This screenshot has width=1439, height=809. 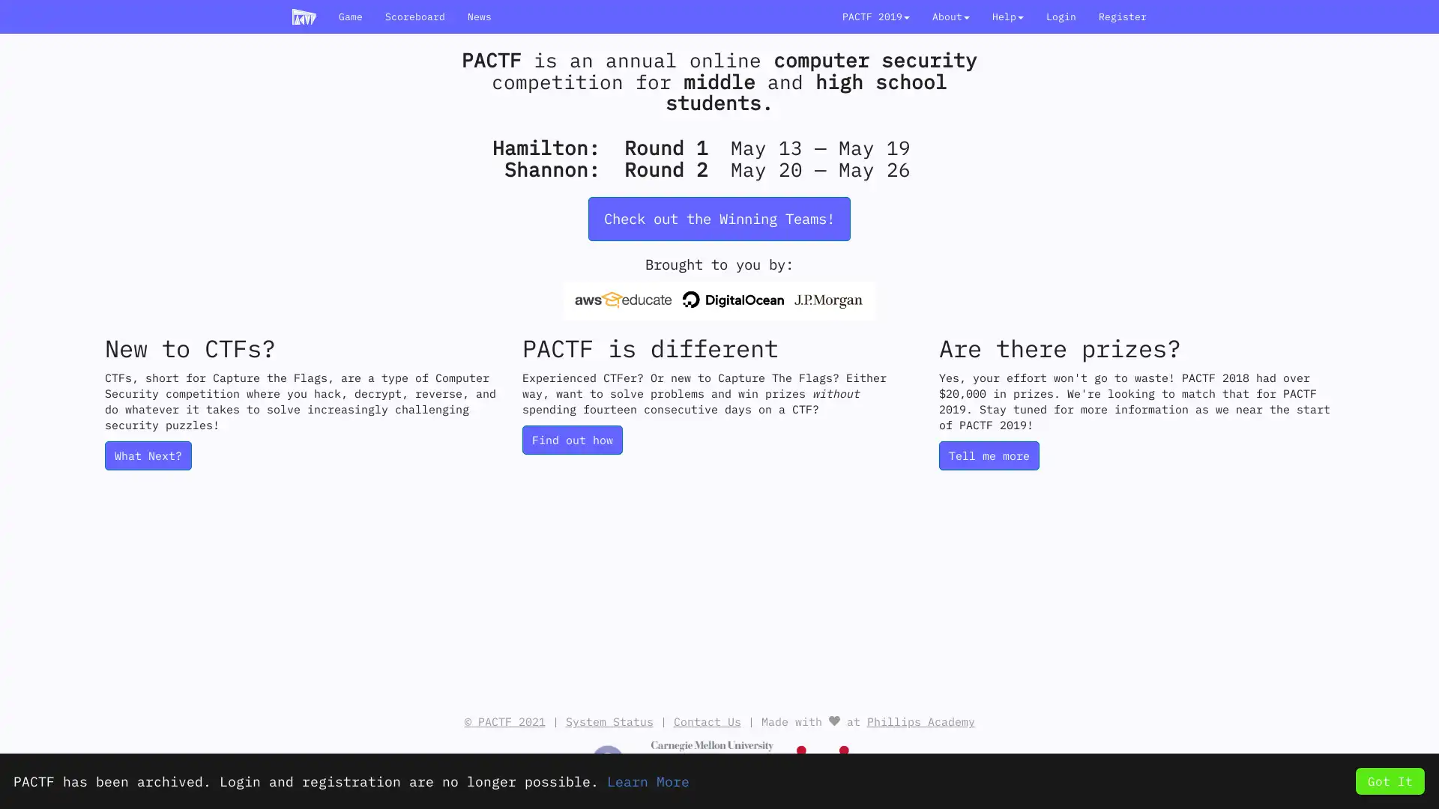 What do you see at coordinates (1389, 780) in the screenshot?
I see `Got It` at bounding box center [1389, 780].